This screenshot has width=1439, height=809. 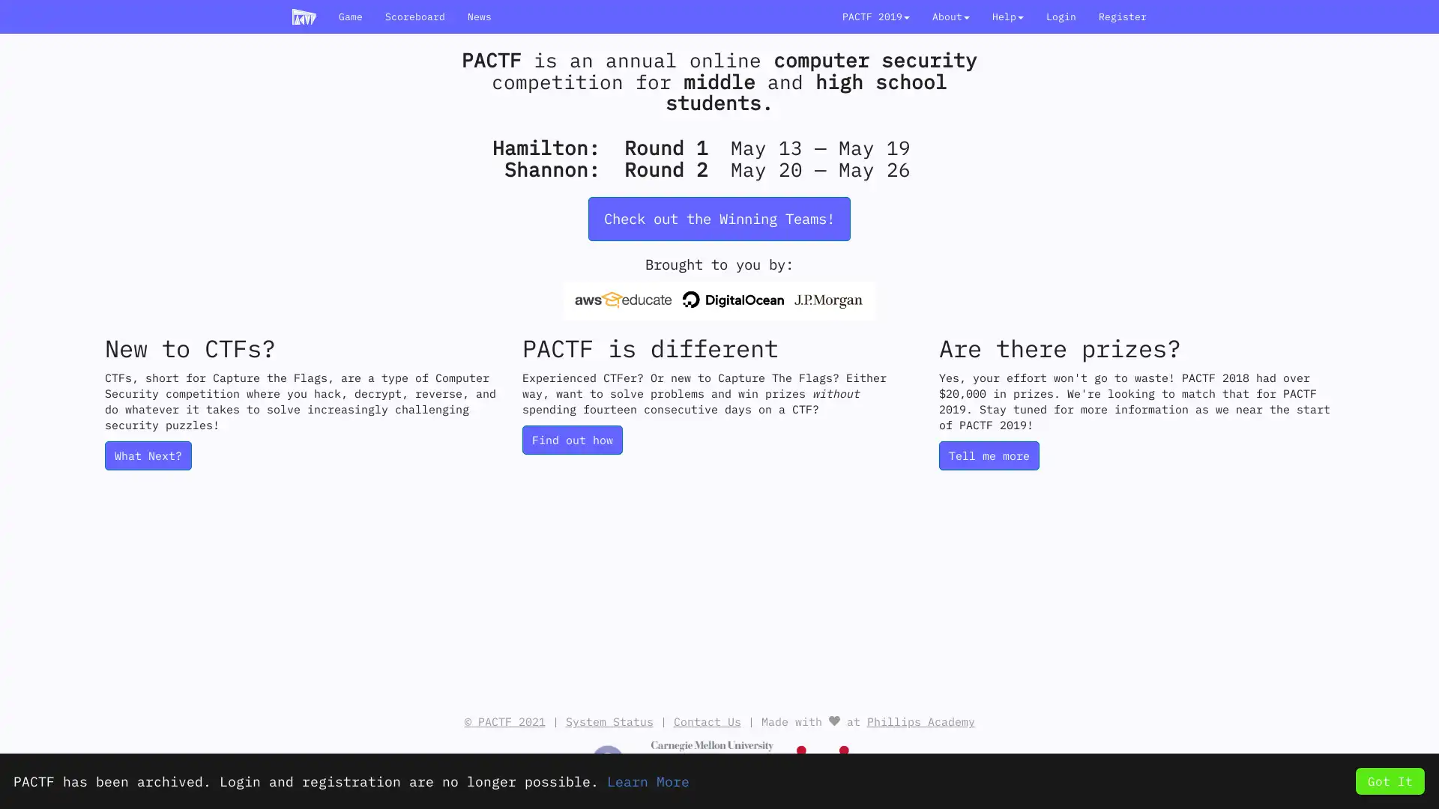 What do you see at coordinates (1389, 780) in the screenshot?
I see `Got It` at bounding box center [1389, 780].